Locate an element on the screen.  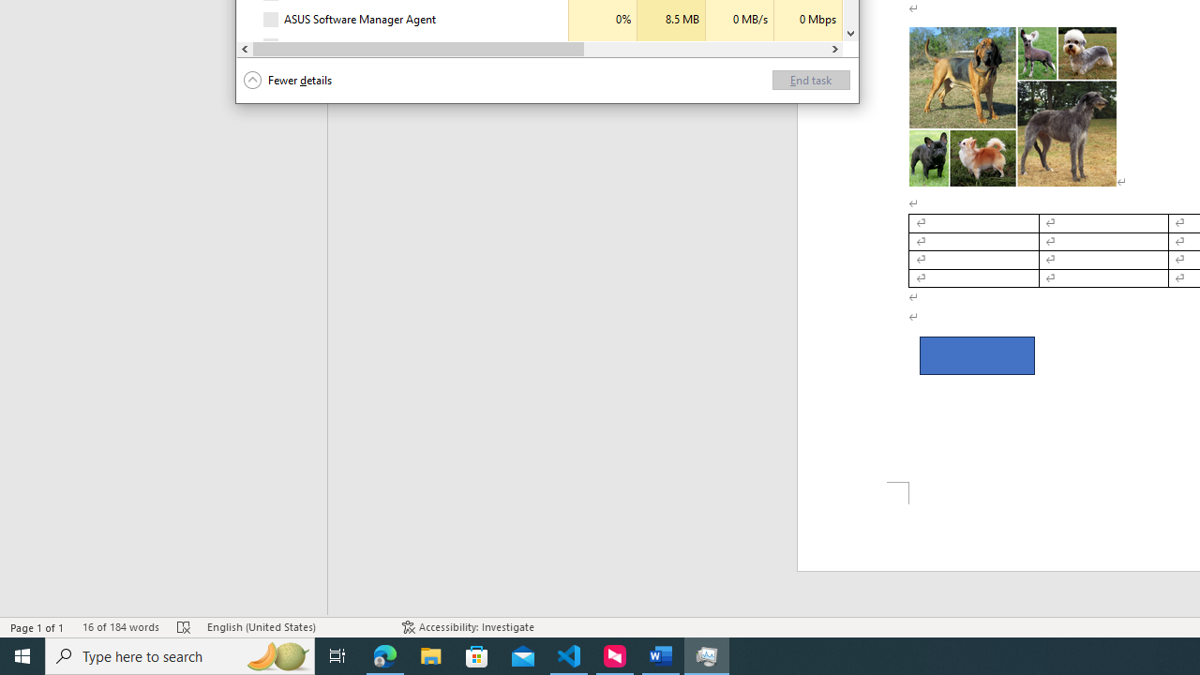
'File Explorer' is located at coordinates (430, 654).